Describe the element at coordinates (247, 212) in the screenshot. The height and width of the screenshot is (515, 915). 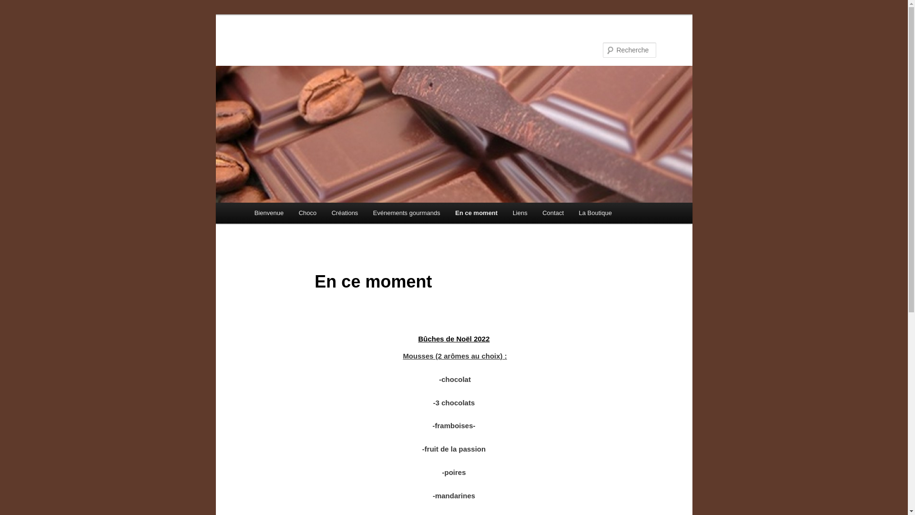
I see `'Bienvenue'` at that location.